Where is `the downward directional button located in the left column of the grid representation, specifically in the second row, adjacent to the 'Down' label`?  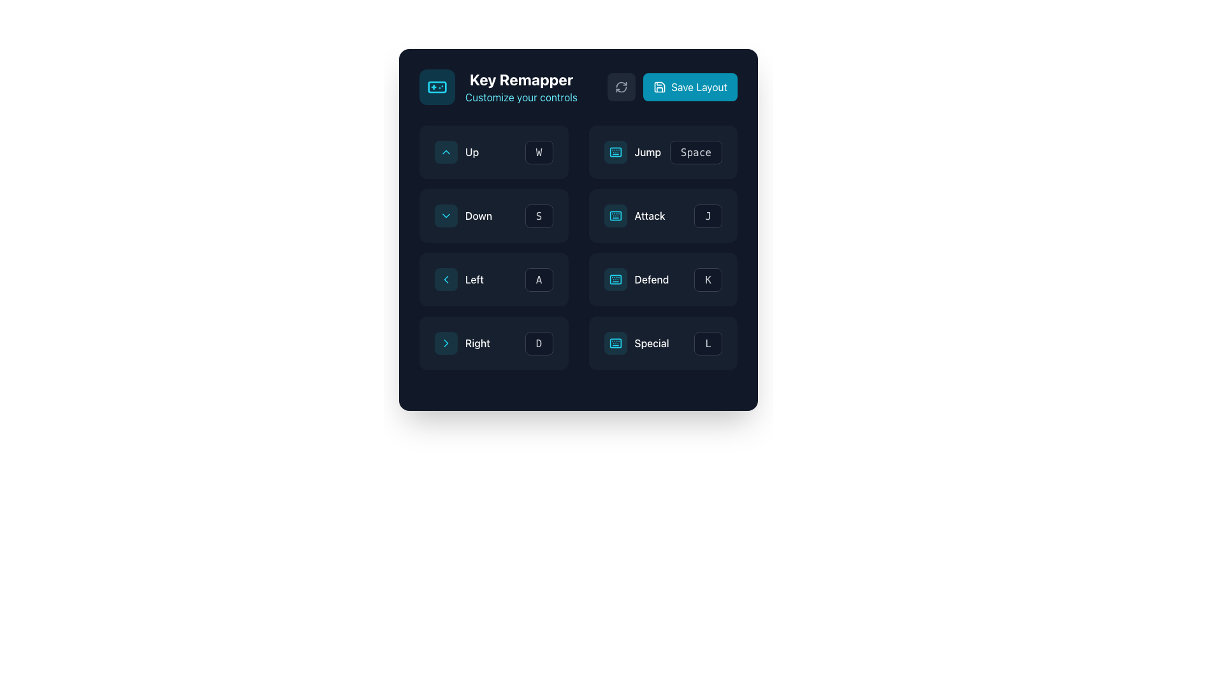
the downward directional button located in the left column of the grid representation, specifically in the second row, adjacent to the 'Down' label is located at coordinates (446, 215).